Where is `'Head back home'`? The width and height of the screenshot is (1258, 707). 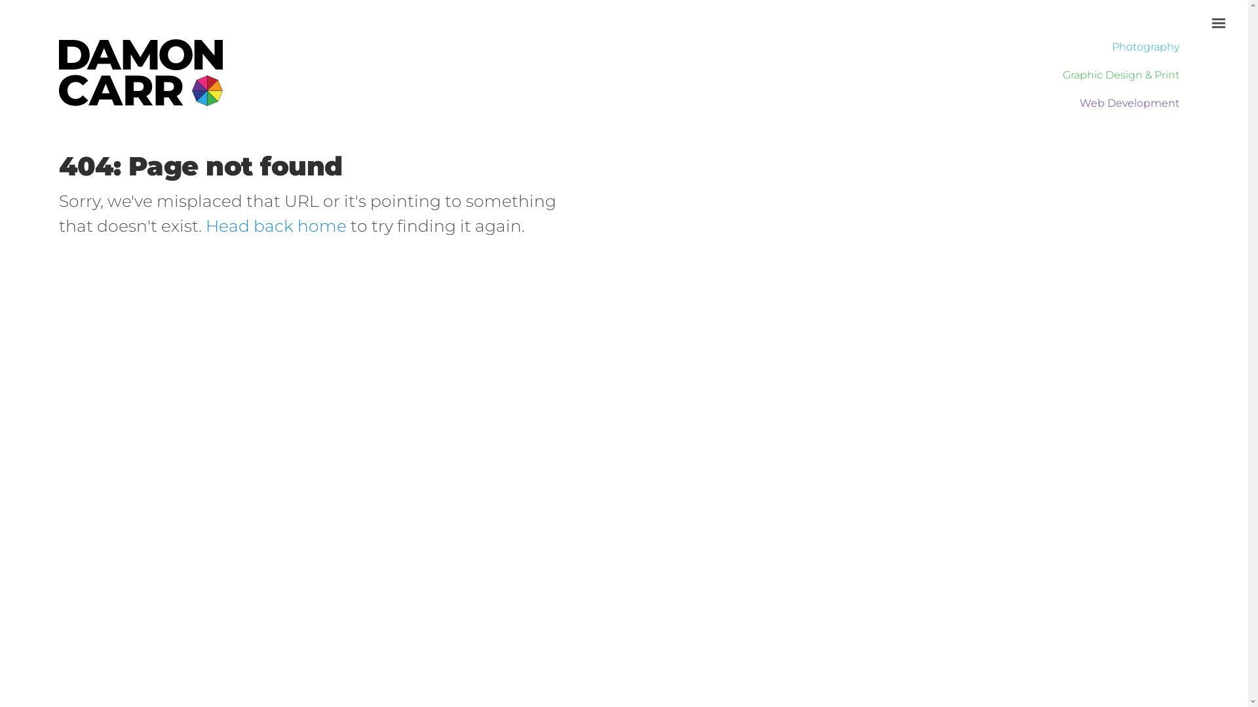 'Head back home' is located at coordinates (204, 225).